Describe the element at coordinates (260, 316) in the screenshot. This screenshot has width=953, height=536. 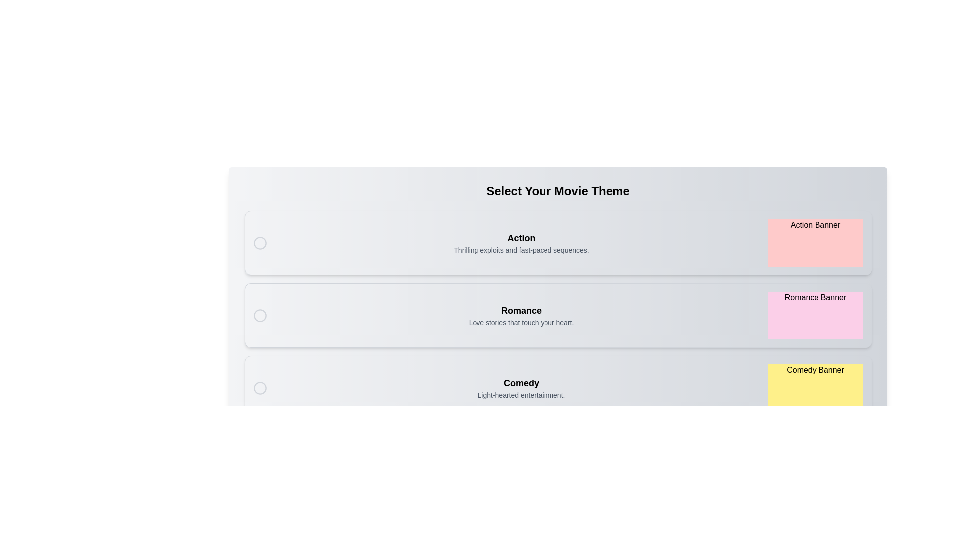
I see `the radio button associated with the 'Romance' option, which is the second option in a vertical list of three` at that location.